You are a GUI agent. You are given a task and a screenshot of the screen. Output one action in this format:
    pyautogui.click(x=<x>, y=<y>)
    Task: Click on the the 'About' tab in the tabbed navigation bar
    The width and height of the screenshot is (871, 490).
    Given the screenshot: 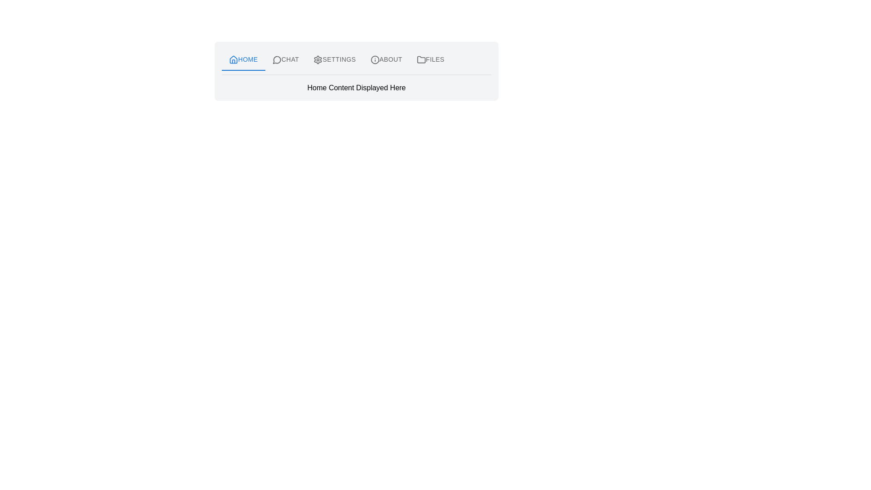 What is the action you would take?
    pyautogui.click(x=386, y=59)
    